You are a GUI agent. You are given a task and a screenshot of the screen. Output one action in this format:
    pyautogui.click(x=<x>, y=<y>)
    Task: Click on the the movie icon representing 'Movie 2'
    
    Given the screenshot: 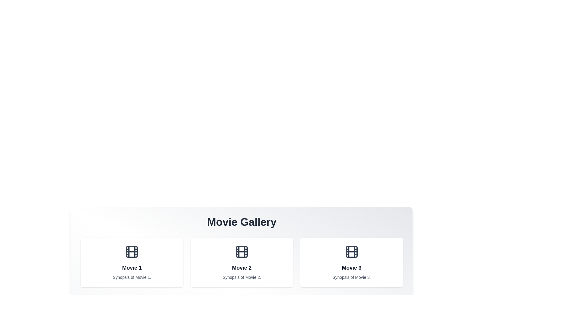 What is the action you would take?
    pyautogui.click(x=242, y=252)
    